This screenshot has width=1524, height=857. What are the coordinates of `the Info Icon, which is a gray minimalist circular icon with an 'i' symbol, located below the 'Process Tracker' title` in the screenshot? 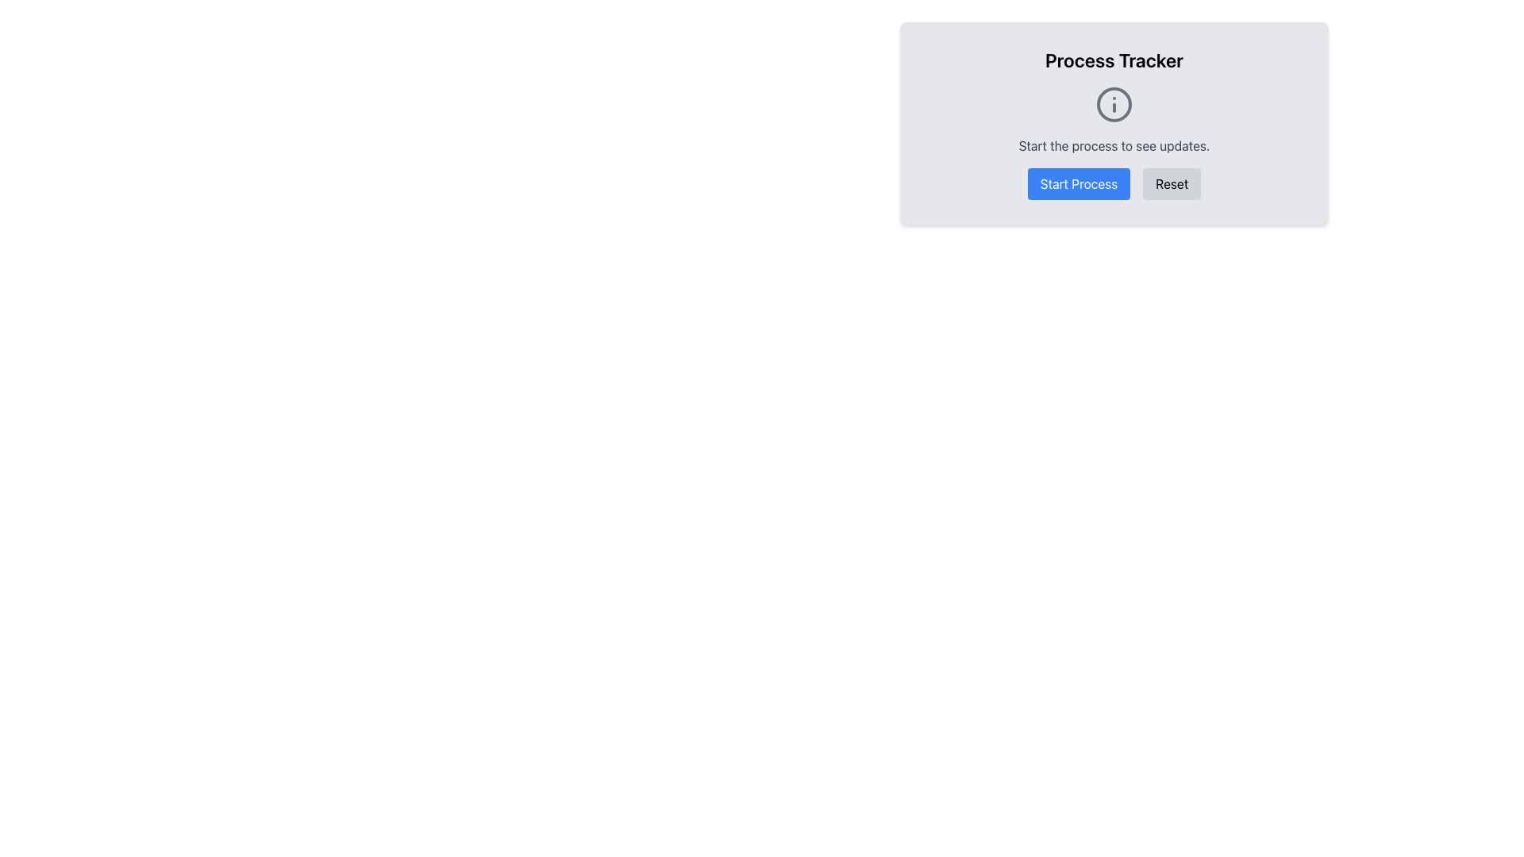 It's located at (1113, 104).